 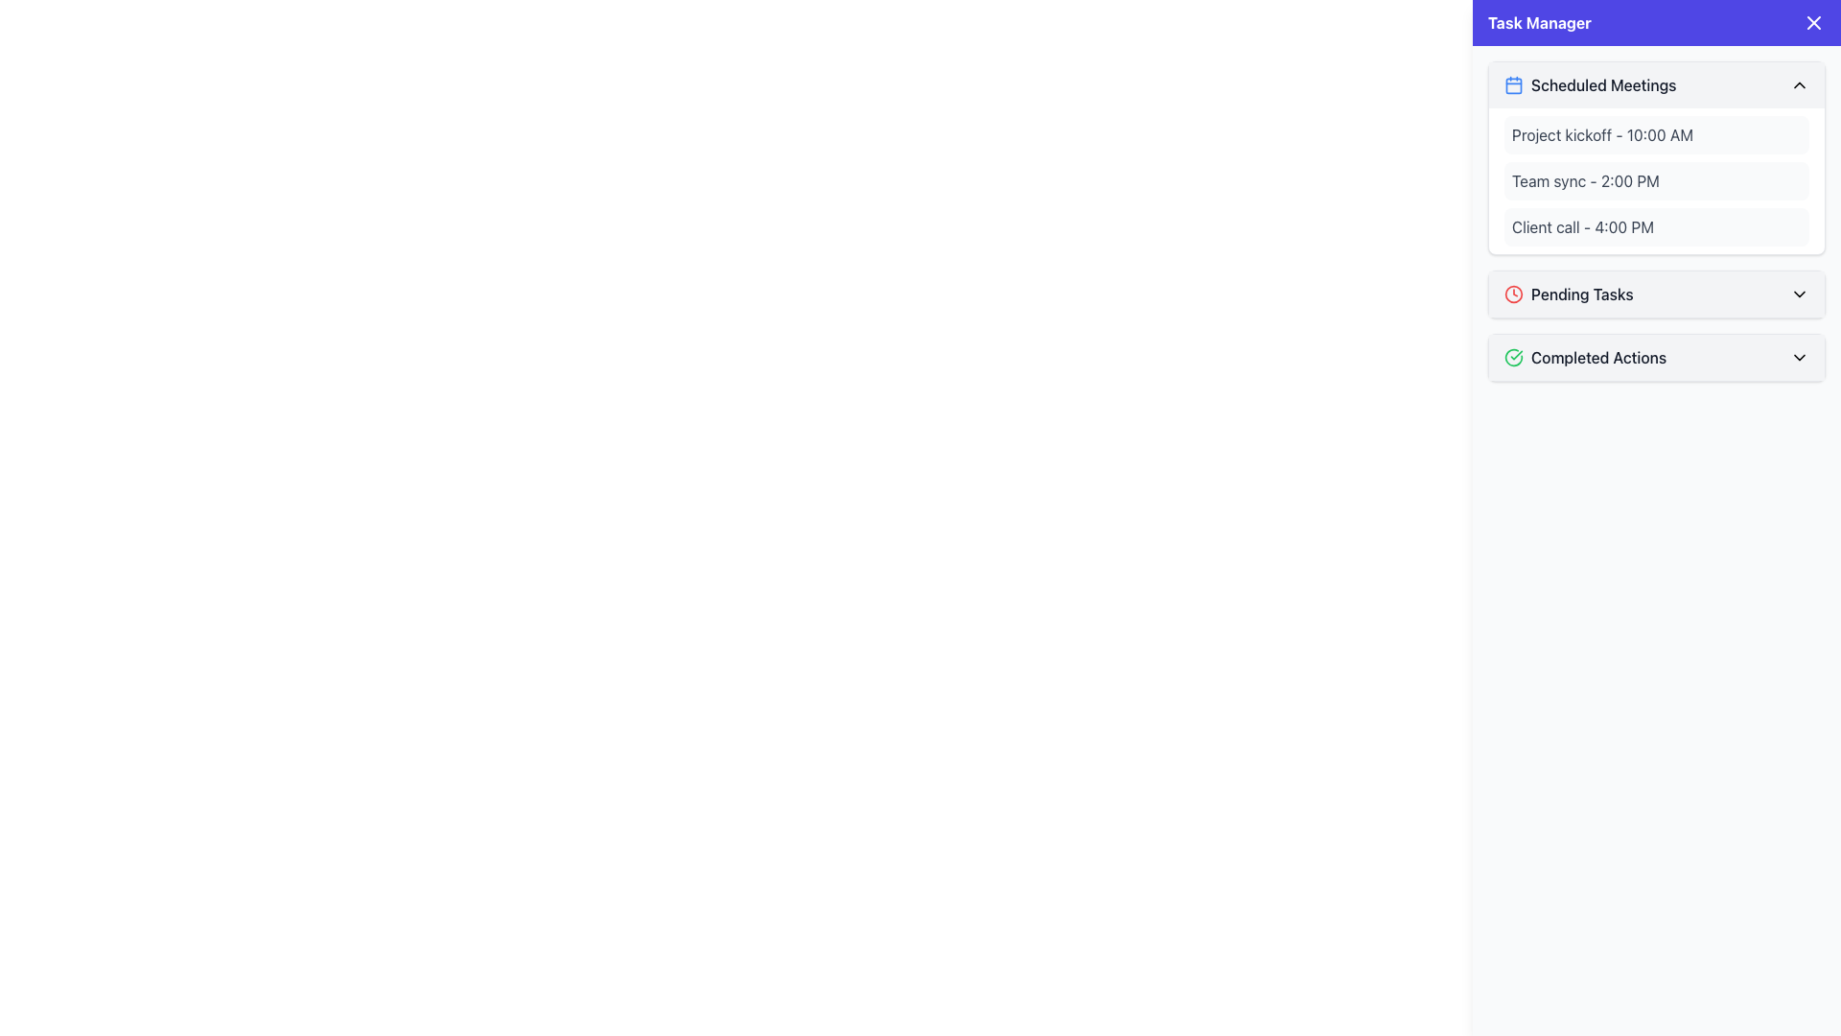 I want to click on text of the Descriptive Label with Icon that displays 'Pending Tasks' located between the clock icon and the text label in the collapsible menu, so click(x=1569, y=294).